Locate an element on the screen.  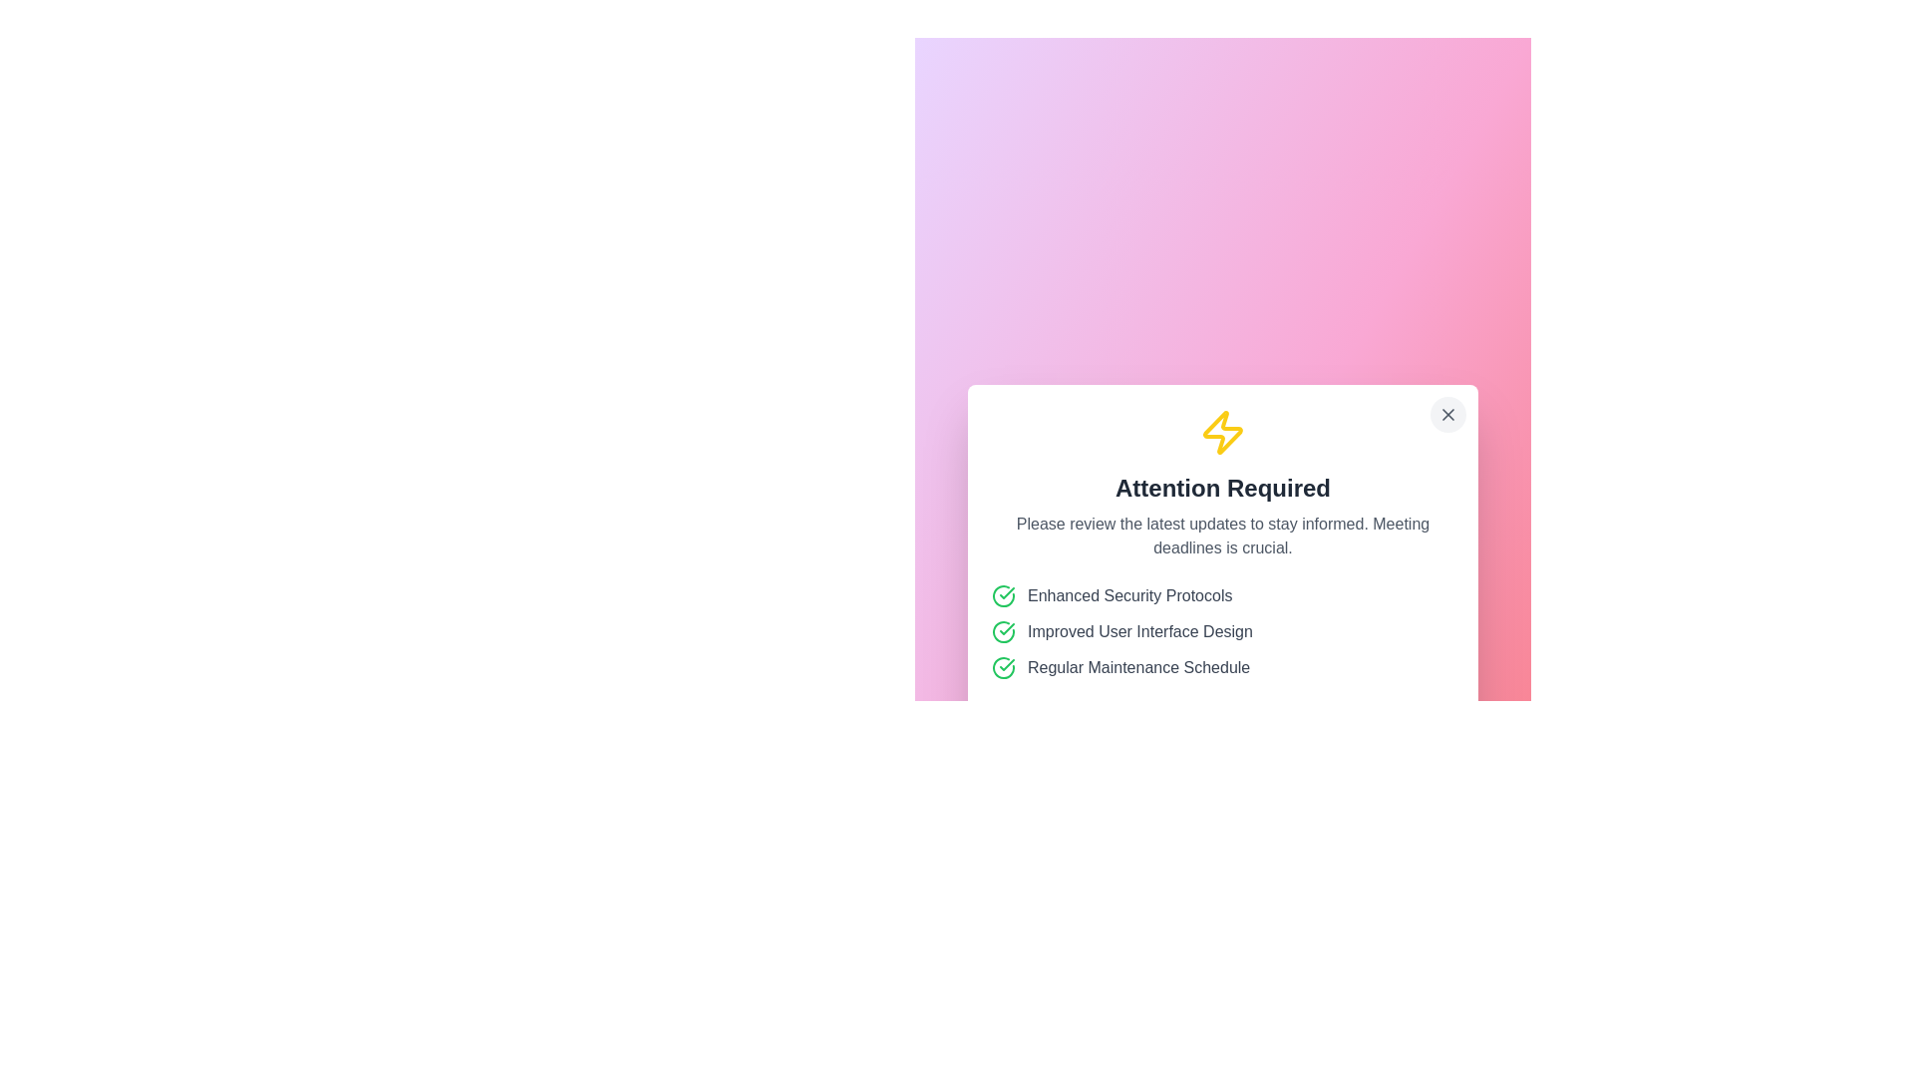
the visual indicator icon located at the center-top of the modal dialog above the 'Attention Required' heading is located at coordinates (1222, 432).